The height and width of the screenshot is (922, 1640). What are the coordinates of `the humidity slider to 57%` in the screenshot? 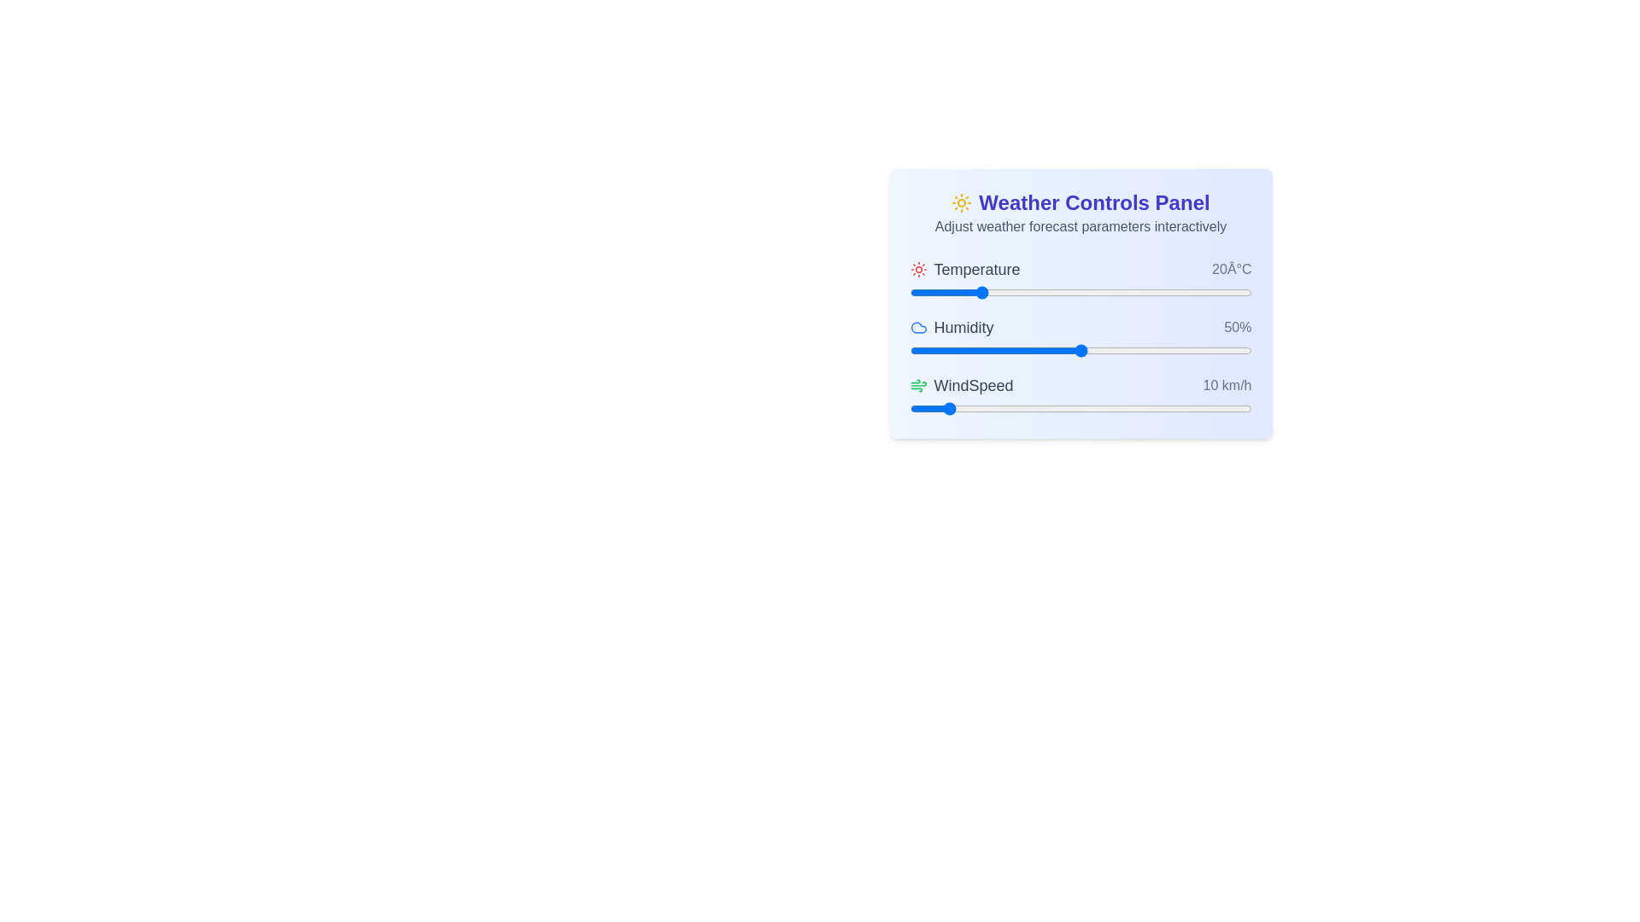 It's located at (1104, 350).